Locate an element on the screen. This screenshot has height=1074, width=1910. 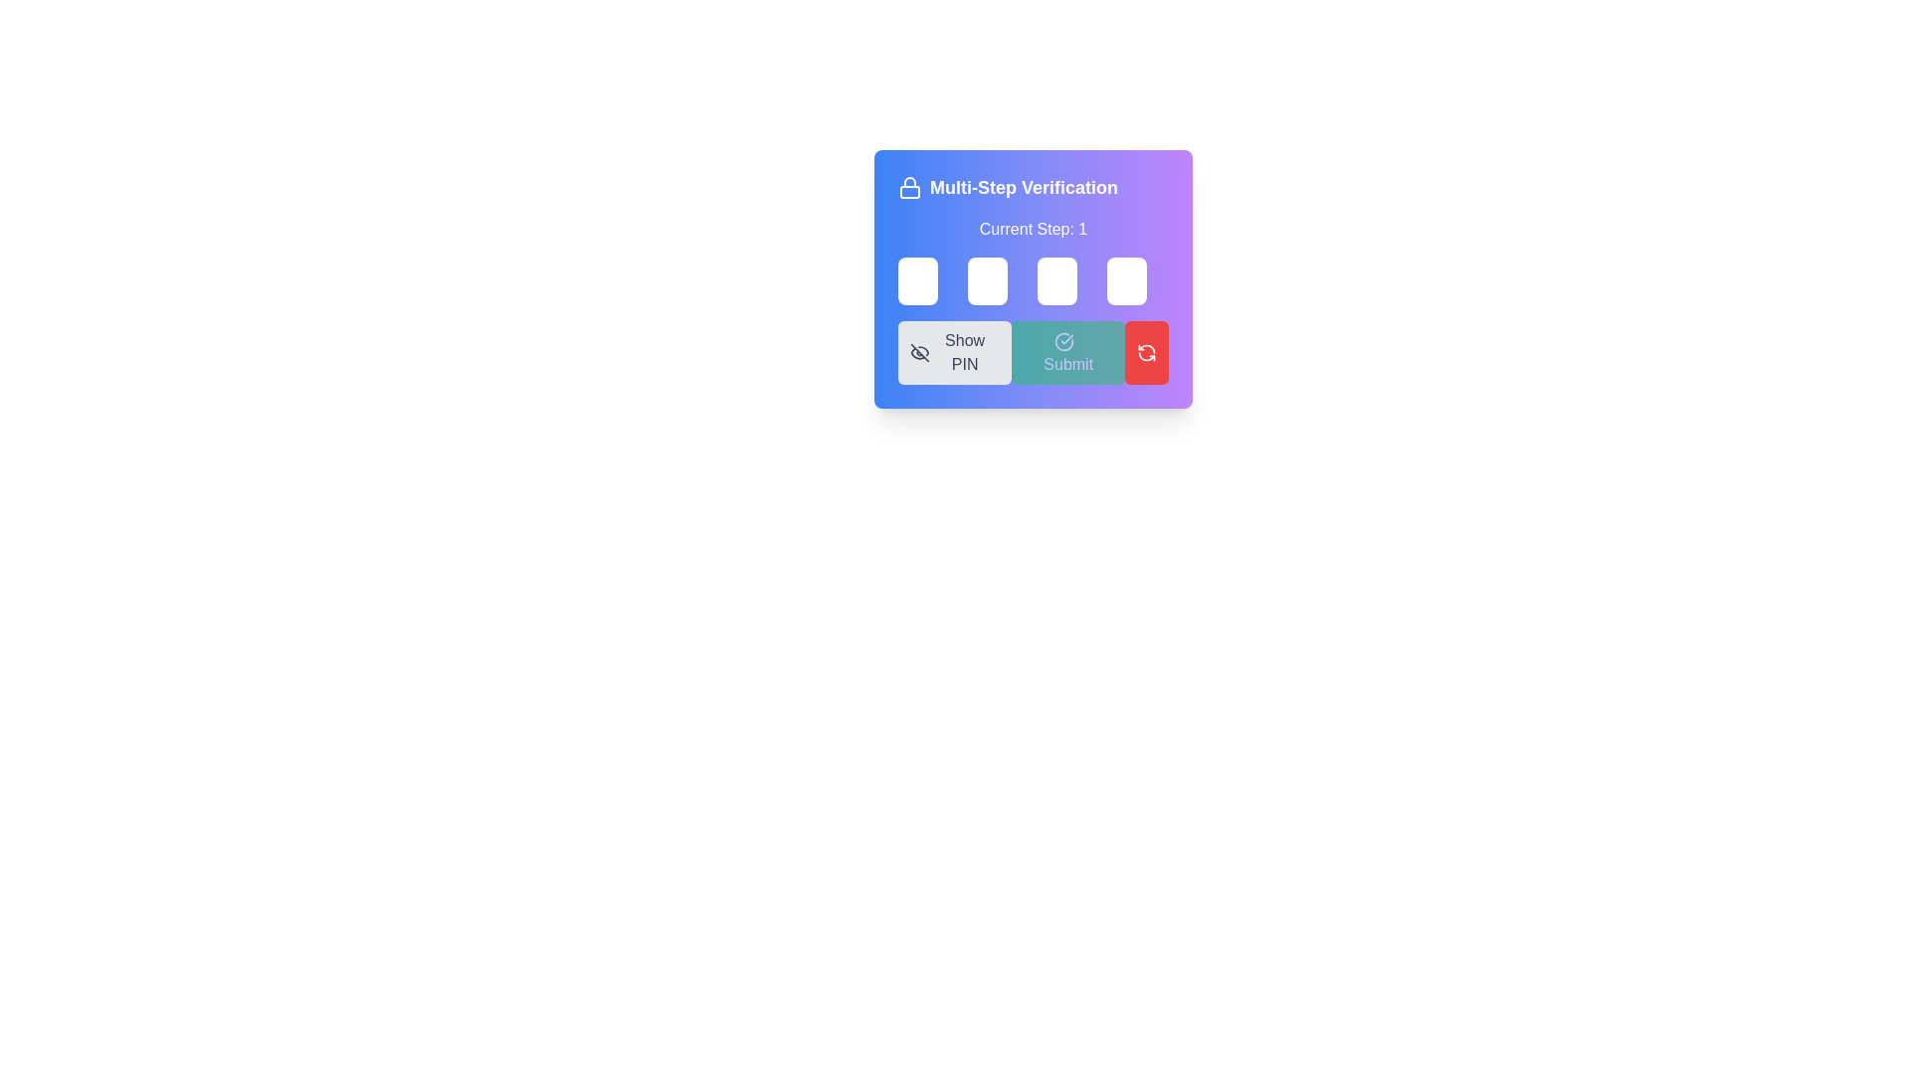
the red rectangular button with a white circular arrow icon, located at the bottom-right corner of the verification module is located at coordinates (1146, 351).